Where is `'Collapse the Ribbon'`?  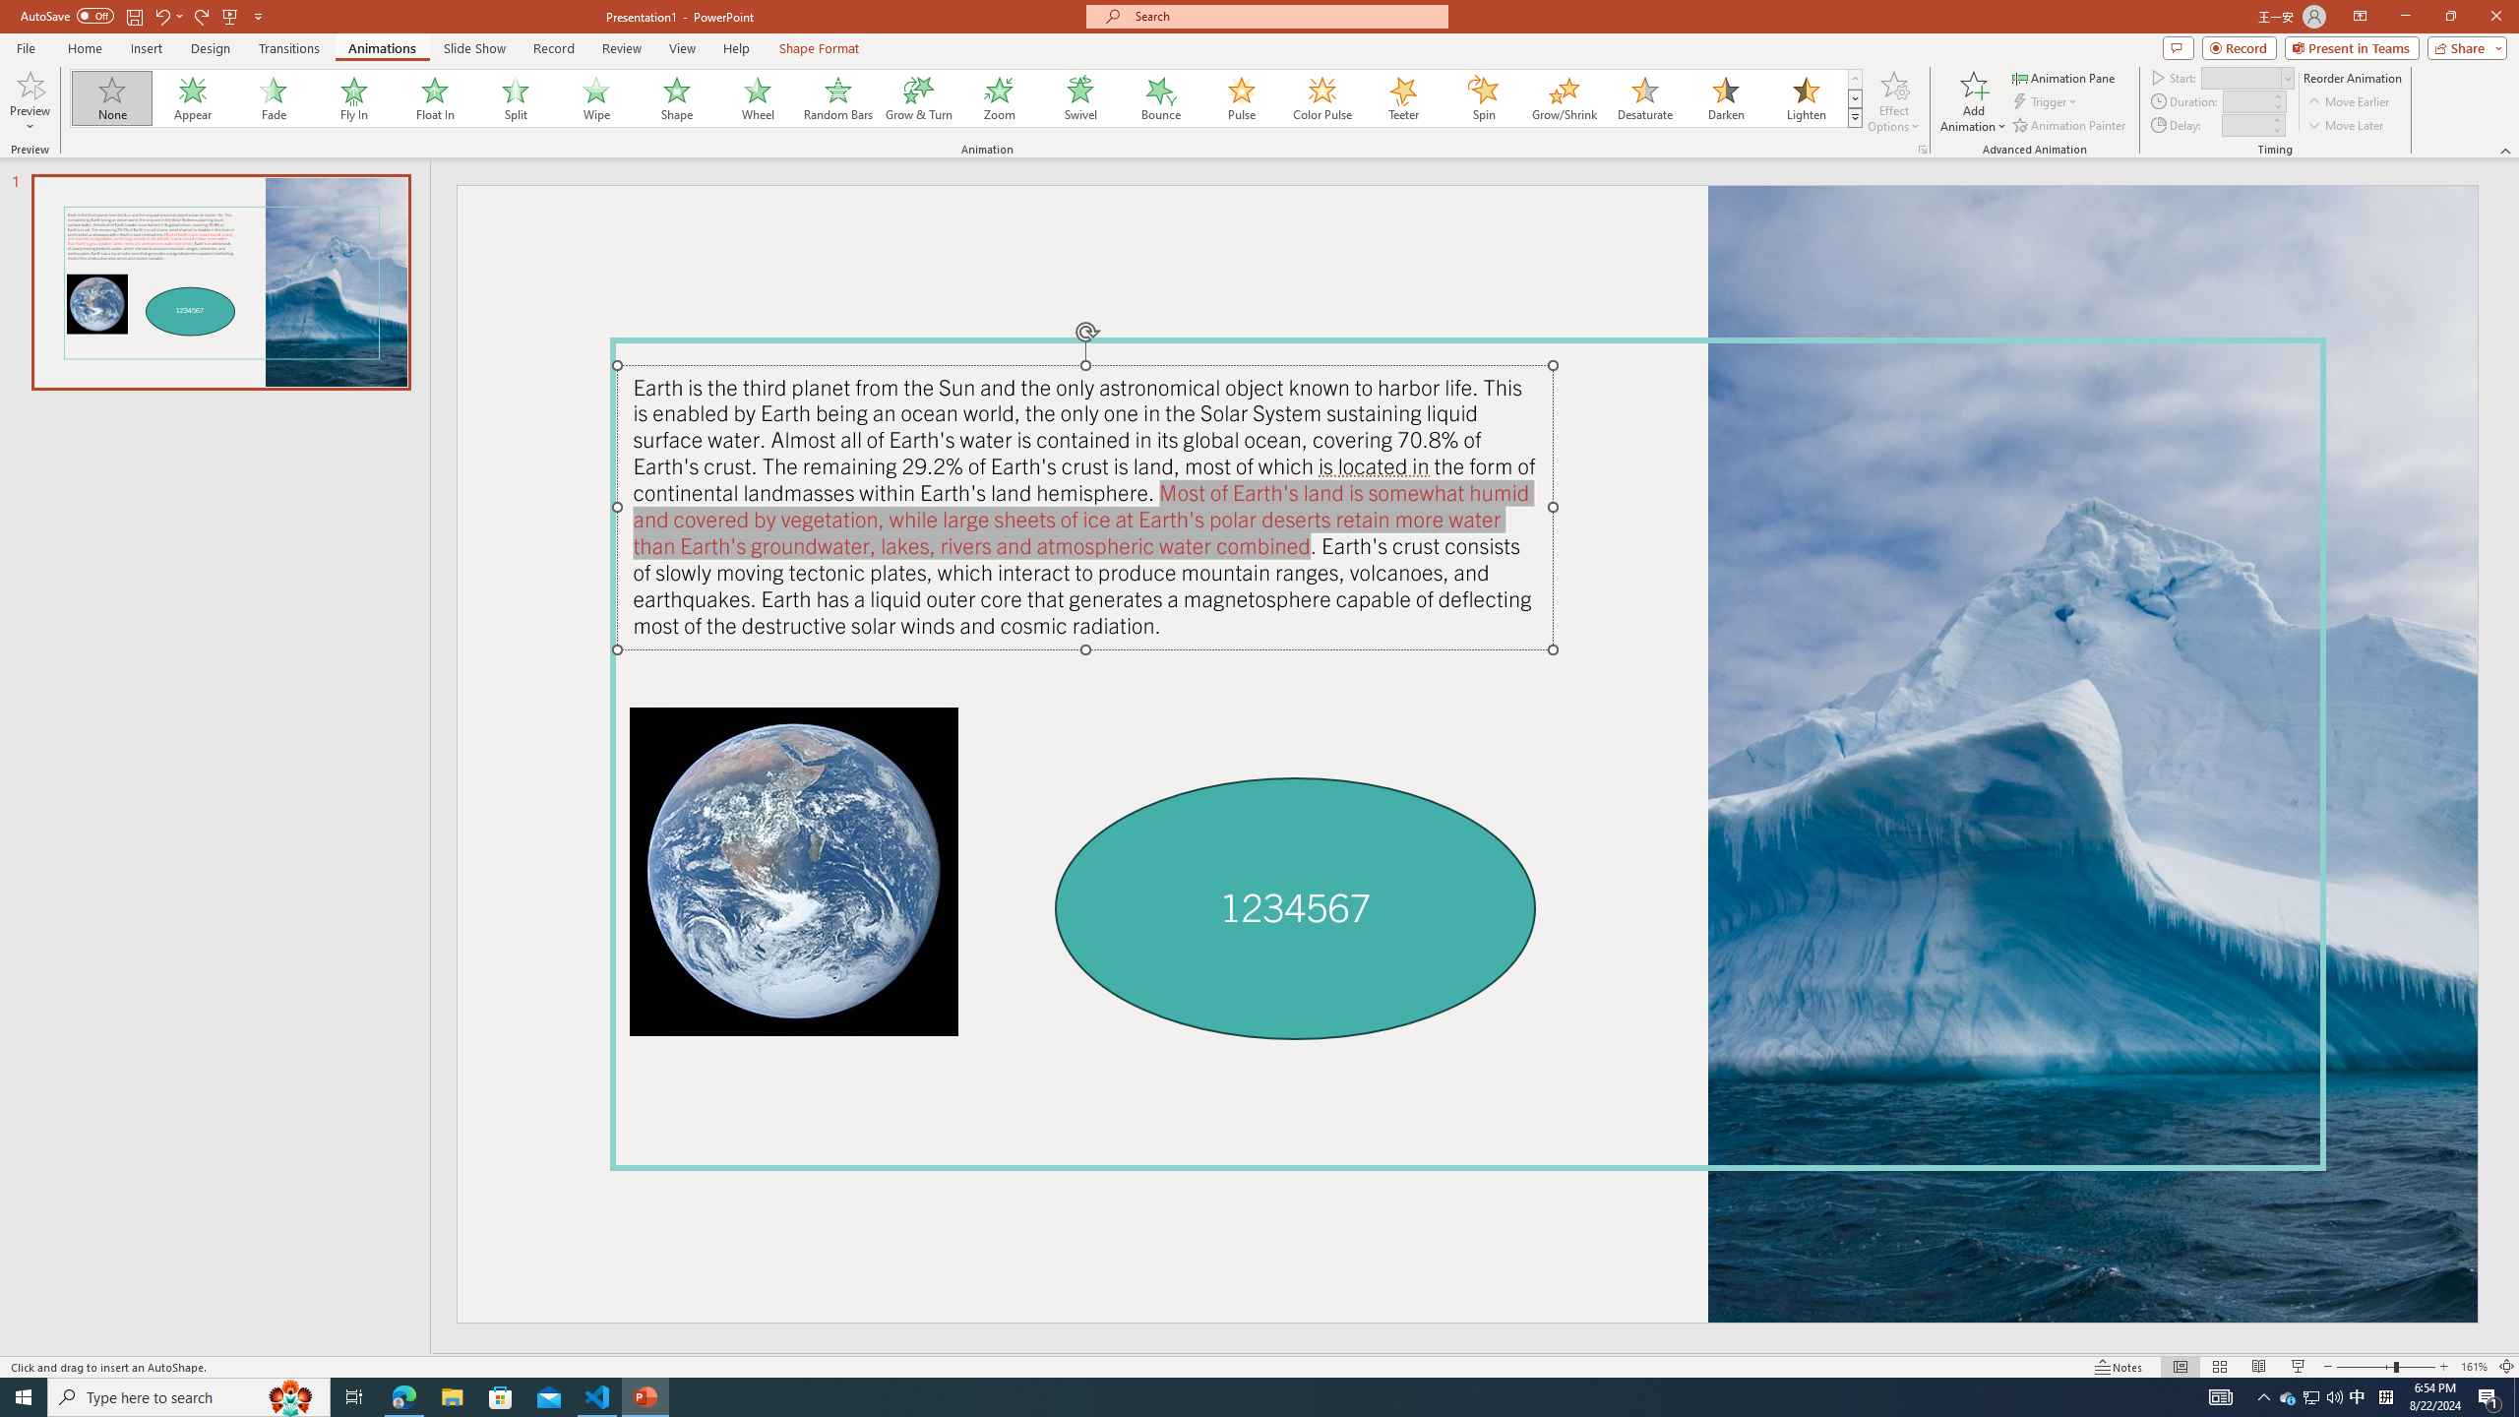
'Collapse the Ribbon' is located at coordinates (2506, 151).